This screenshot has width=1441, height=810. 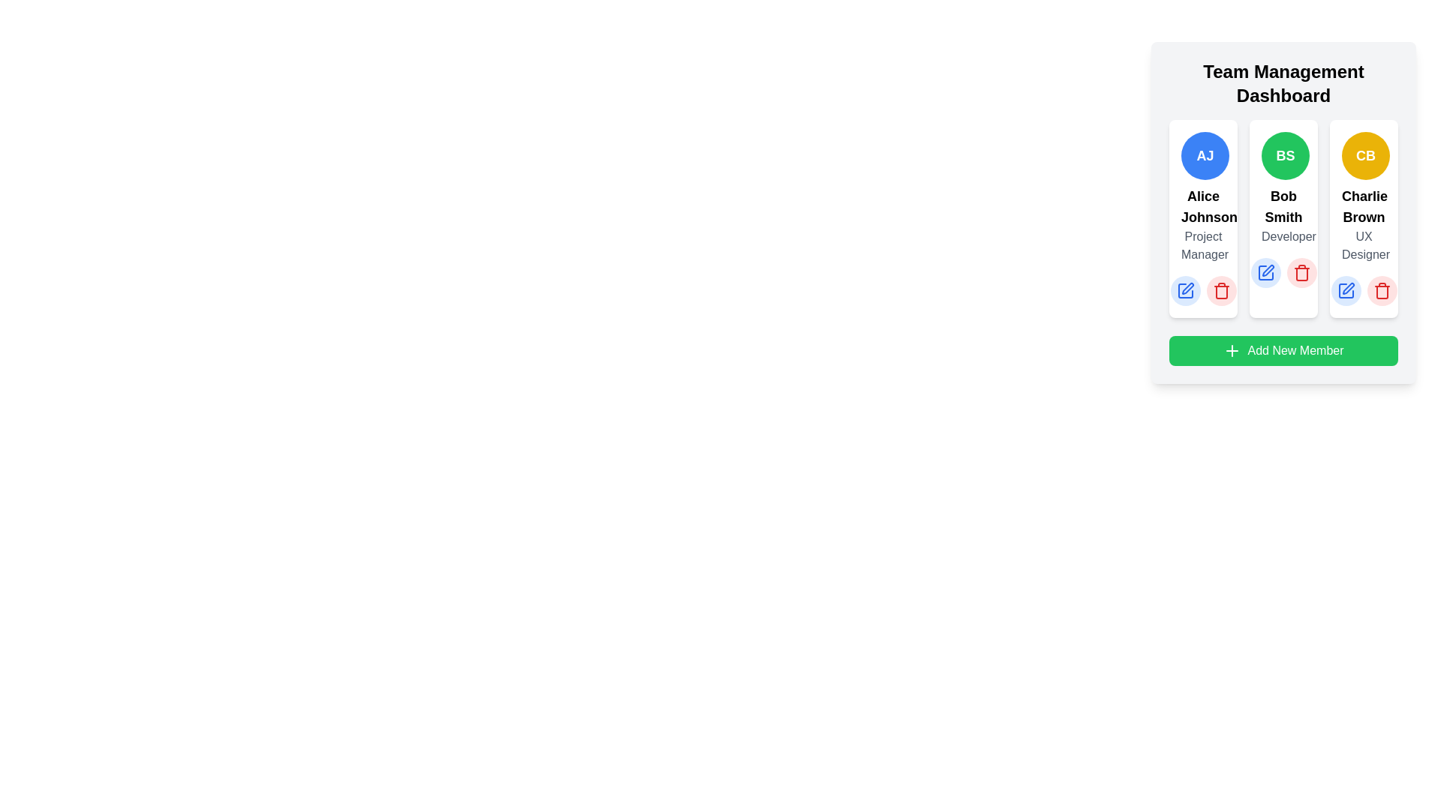 What do you see at coordinates (1265, 272) in the screenshot?
I see `the edit icon button located in the bottom-left corner of the card for 'Bob Smith' to trigger the hover state effect` at bounding box center [1265, 272].